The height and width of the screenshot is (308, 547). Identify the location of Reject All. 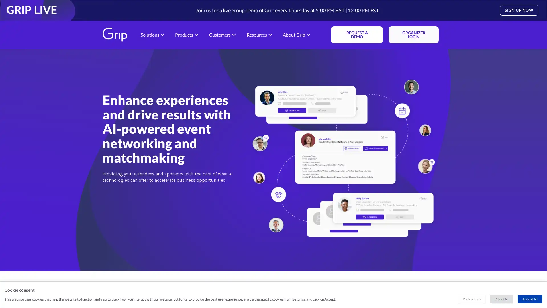
(501, 299).